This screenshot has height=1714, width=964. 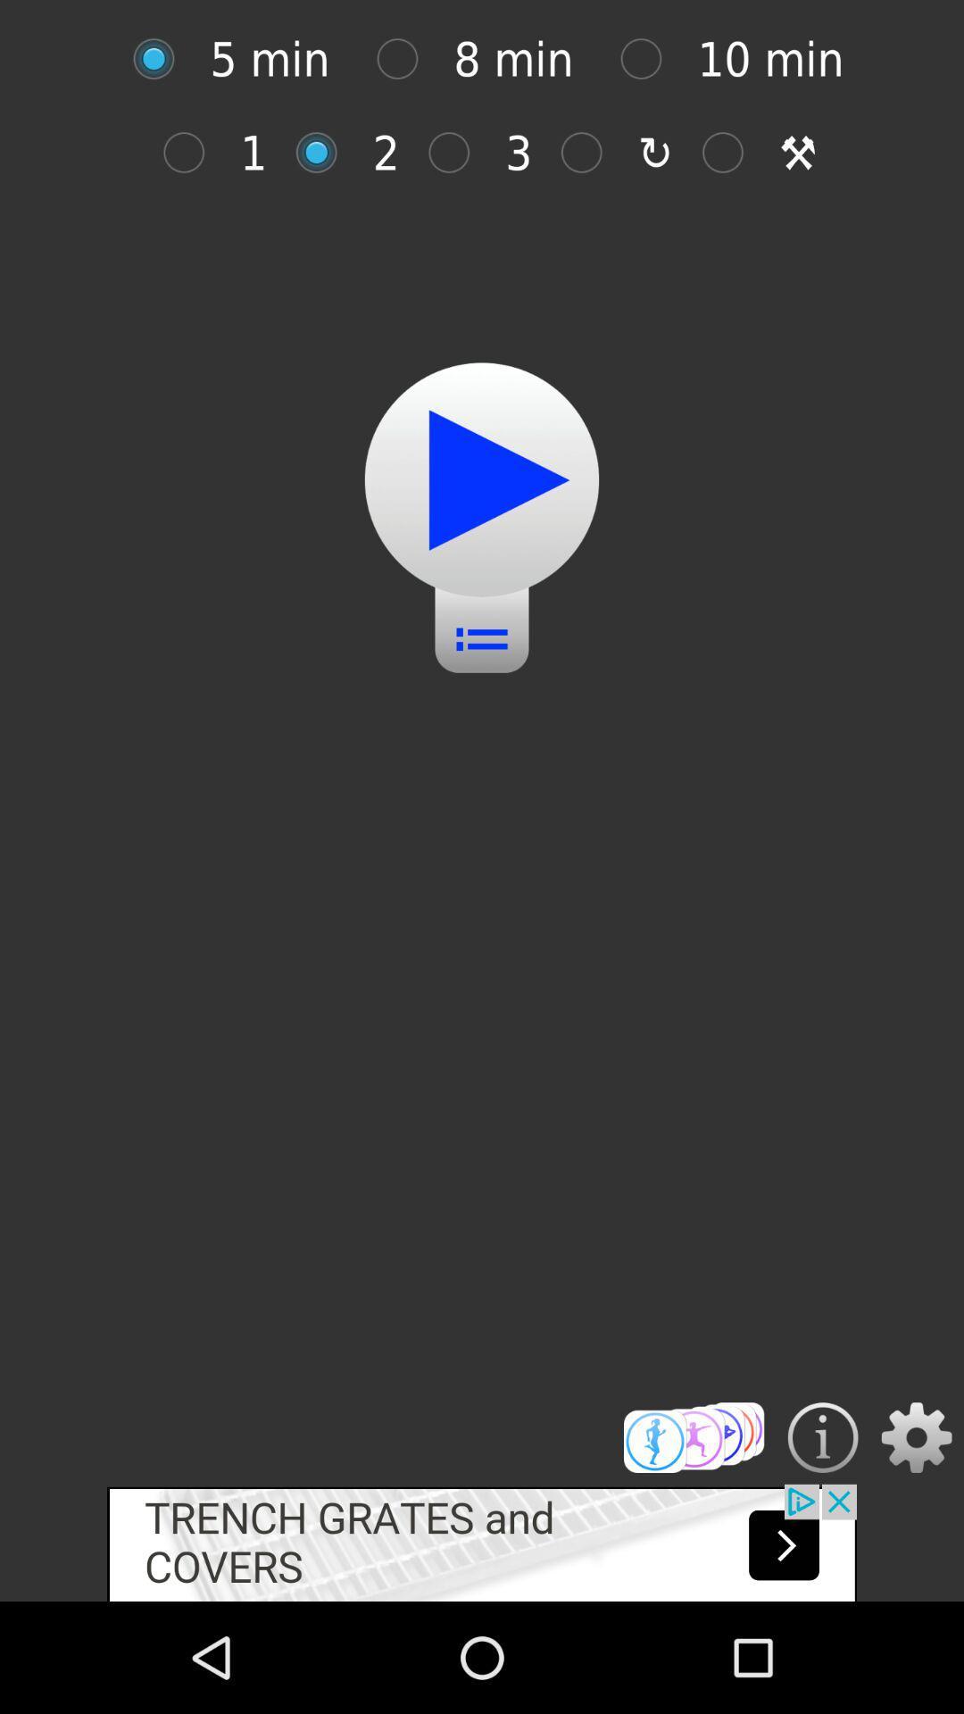 I want to click on third video, so click(x=457, y=153).